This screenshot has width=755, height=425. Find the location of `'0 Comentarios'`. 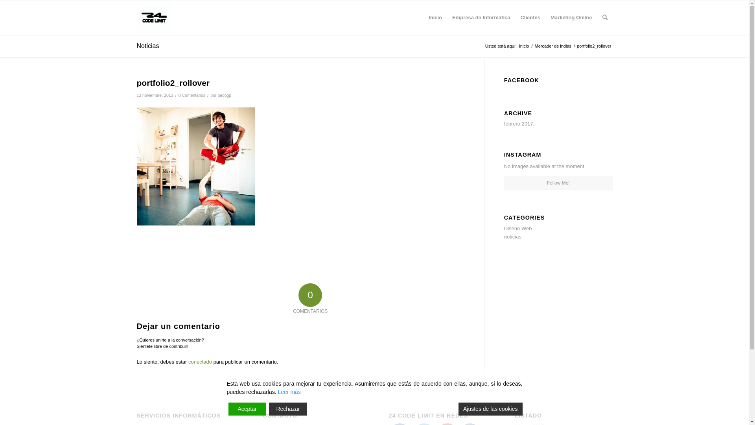

'0 Comentarios' is located at coordinates (192, 95).